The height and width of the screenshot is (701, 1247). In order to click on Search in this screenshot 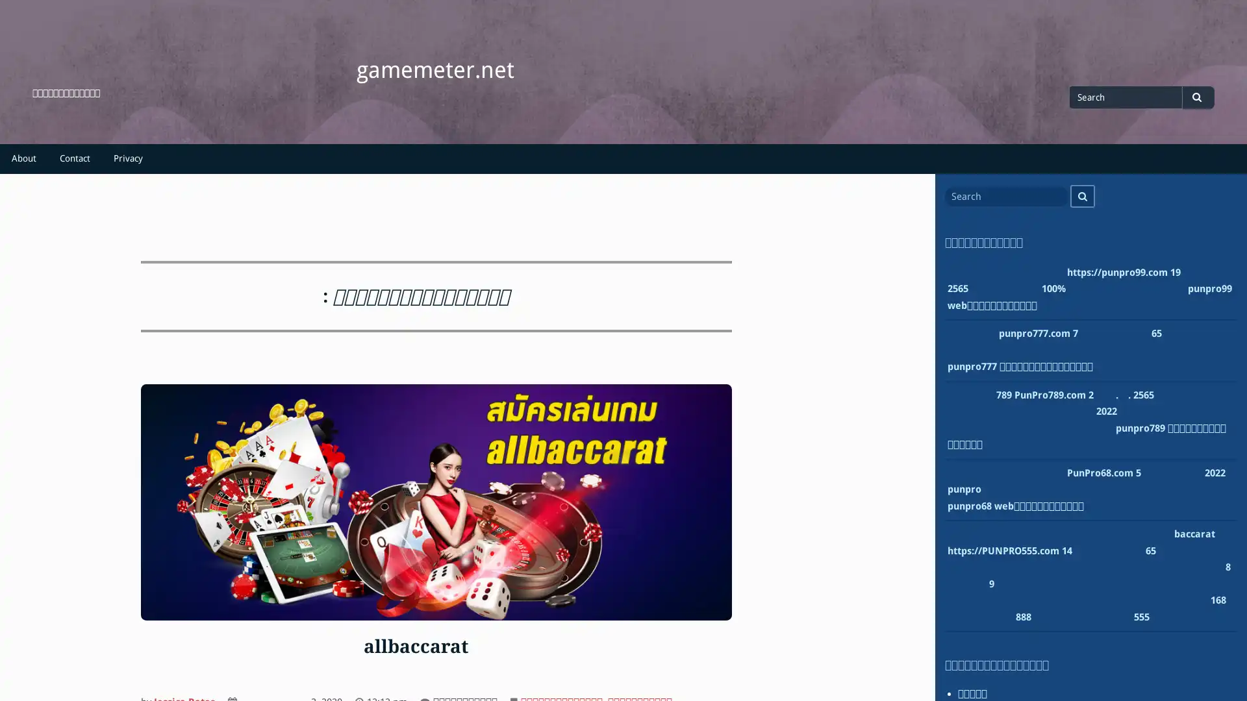, I will do `click(1198, 97)`.